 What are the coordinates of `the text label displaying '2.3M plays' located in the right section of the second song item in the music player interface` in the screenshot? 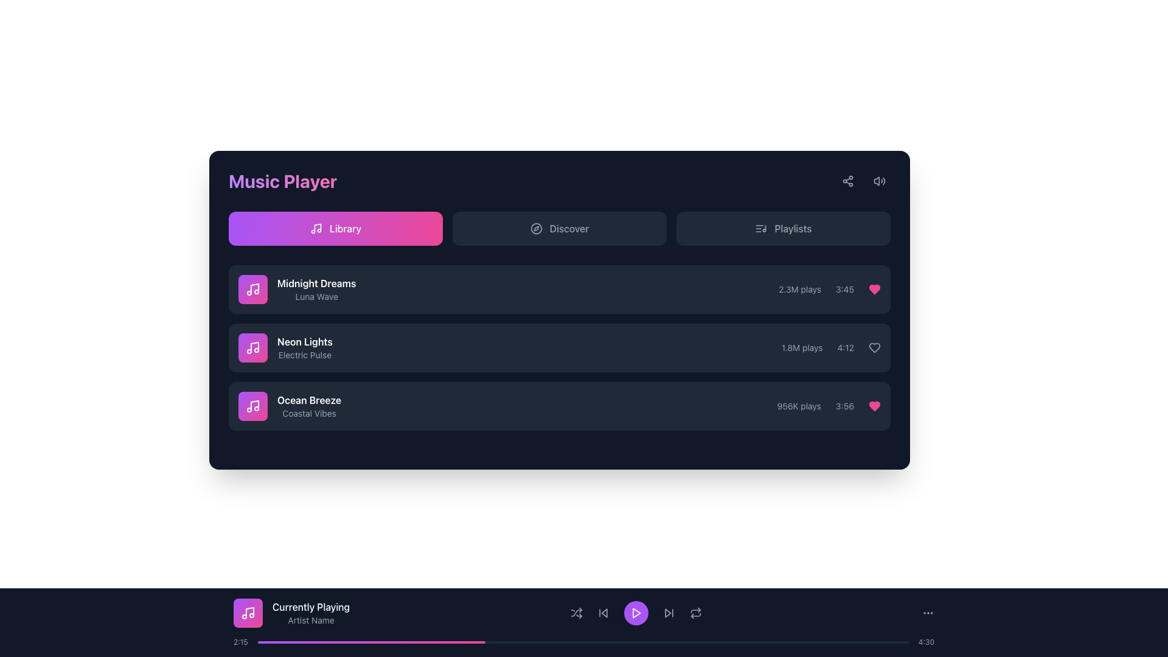 It's located at (800, 289).